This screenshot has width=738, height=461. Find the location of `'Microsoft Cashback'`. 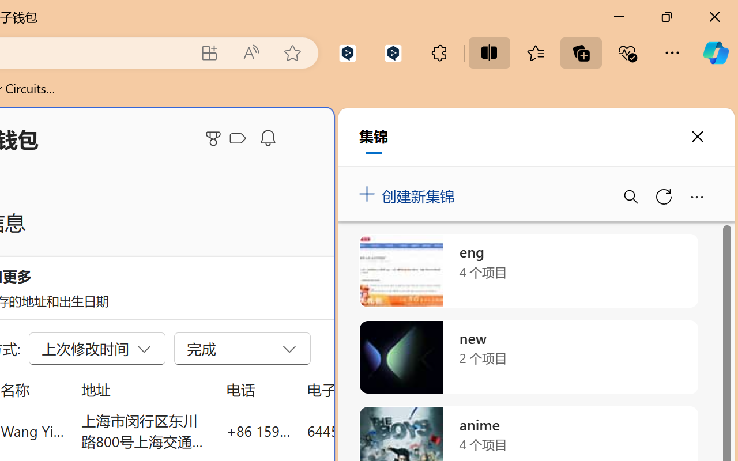

'Microsoft Cashback' is located at coordinates (239, 138).